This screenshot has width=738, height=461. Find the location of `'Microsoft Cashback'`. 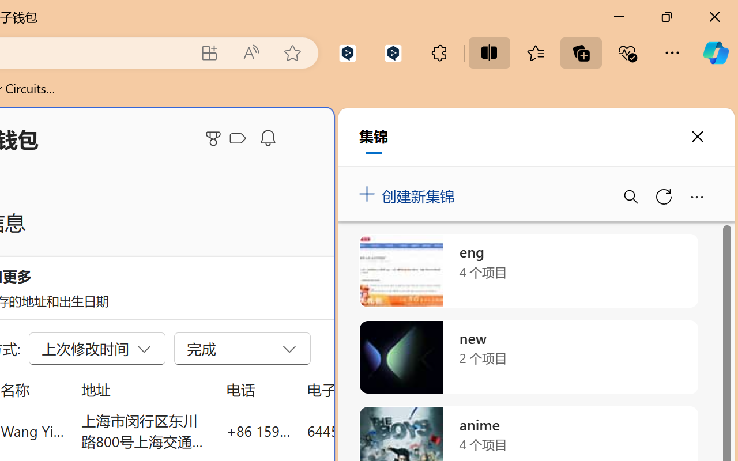

'Microsoft Cashback' is located at coordinates (239, 138).